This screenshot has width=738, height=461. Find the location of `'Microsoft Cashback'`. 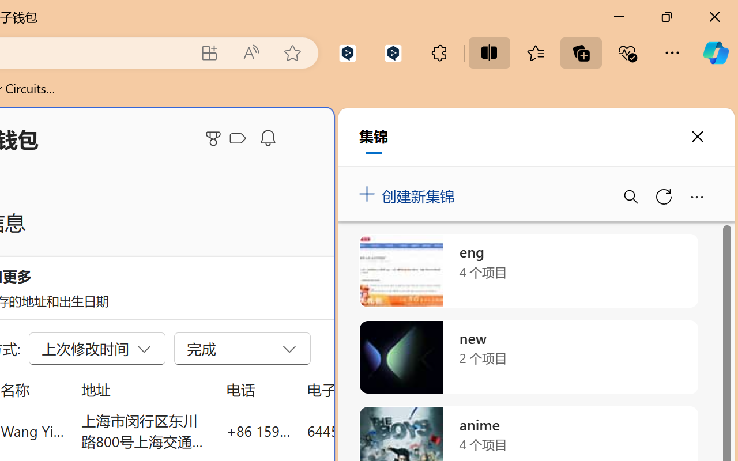

'Microsoft Cashback' is located at coordinates (239, 138).